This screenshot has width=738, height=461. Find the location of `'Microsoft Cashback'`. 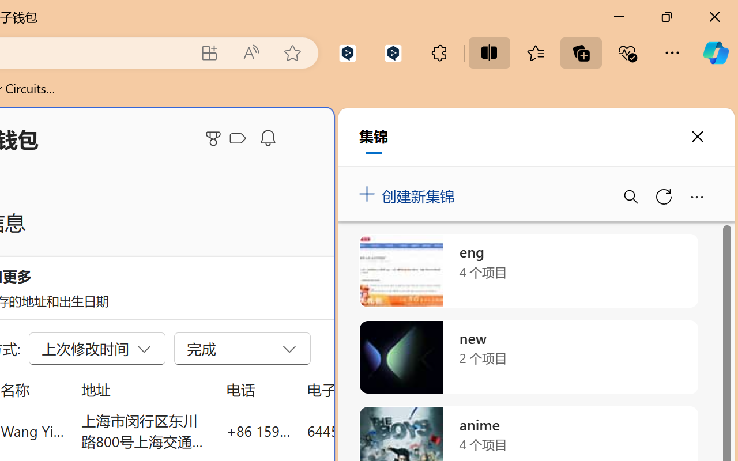

'Microsoft Cashback' is located at coordinates (239, 138).